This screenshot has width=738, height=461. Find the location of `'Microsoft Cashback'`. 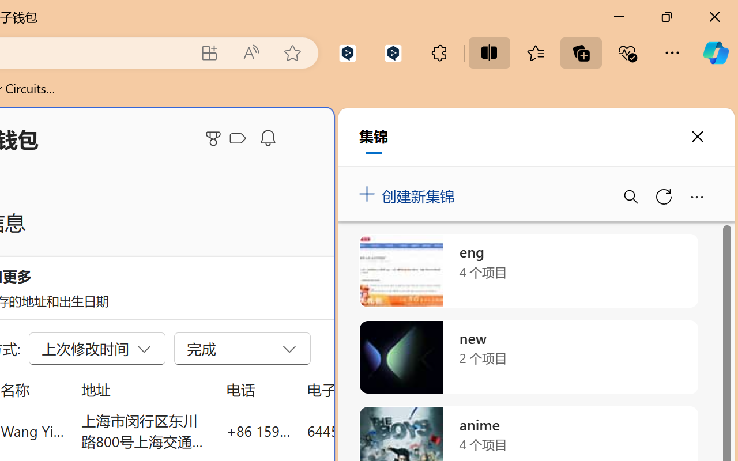

'Microsoft Cashback' is located at coordinates (239, 138).